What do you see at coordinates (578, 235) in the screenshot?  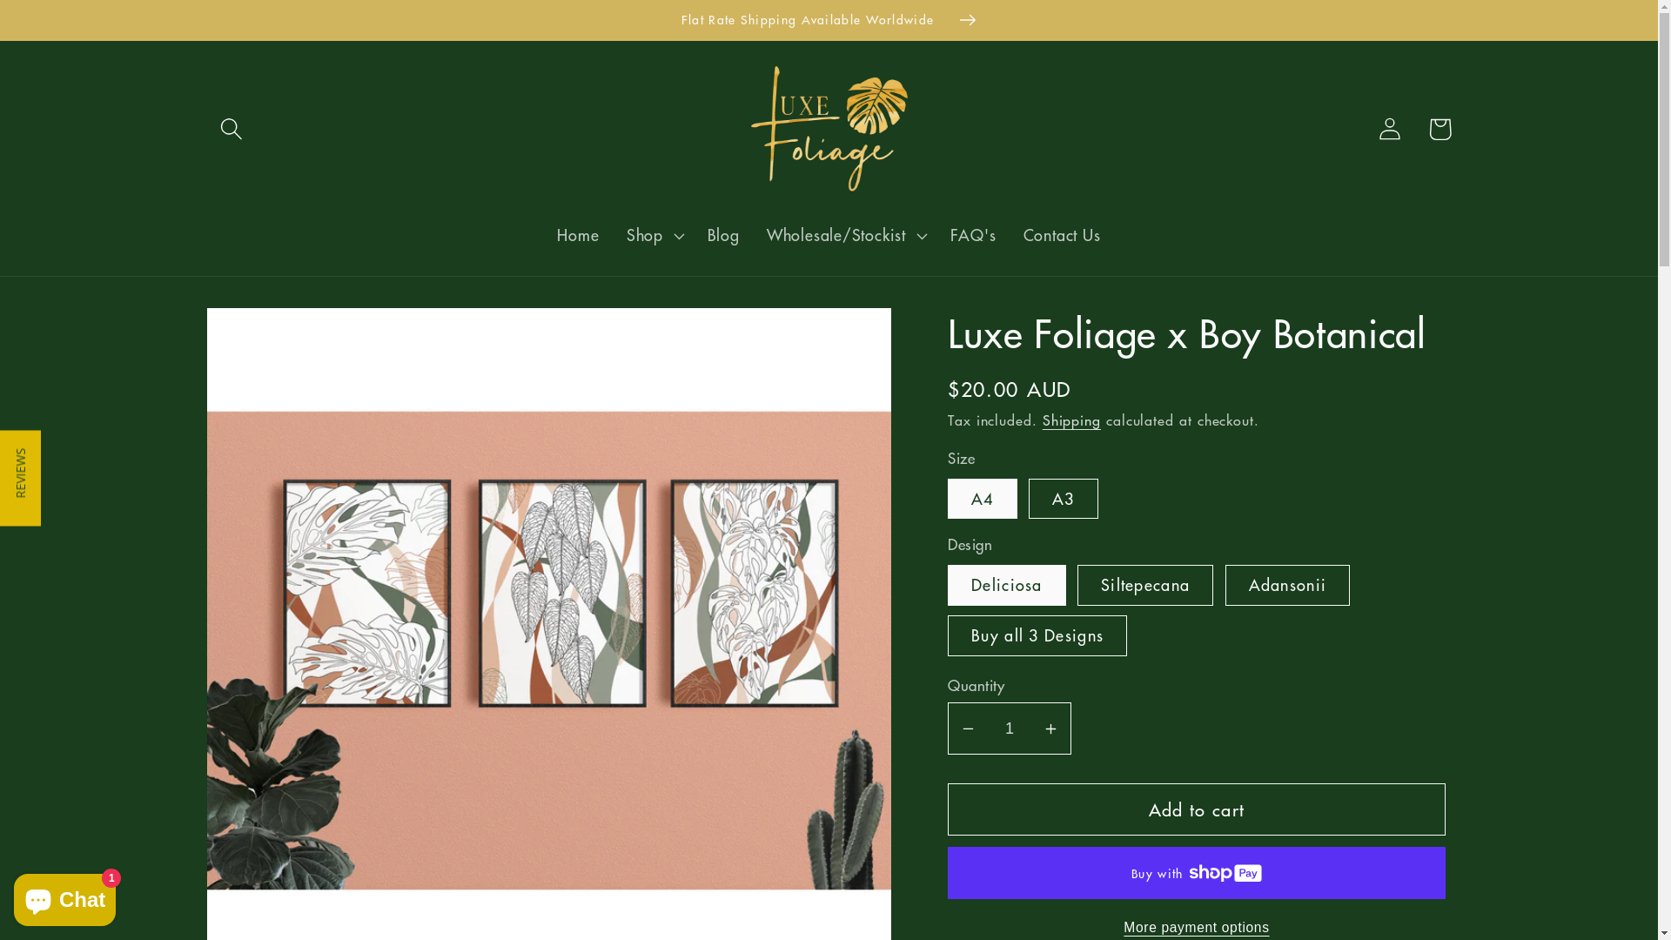 I see `'Home'` at bounding box center [578, 235].